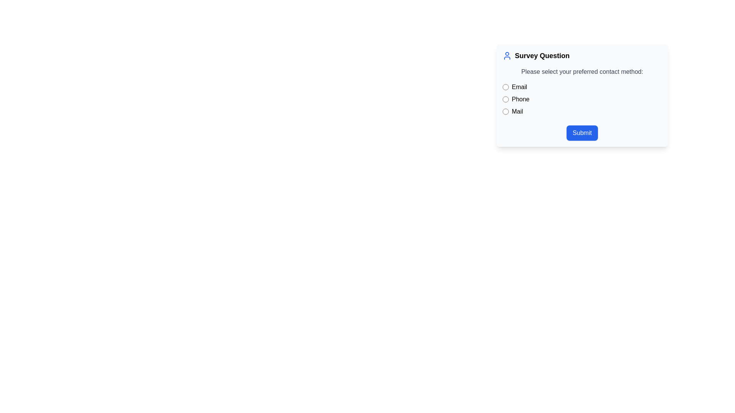  I want to click on the 'Email' radio button located at the top of the list of contact method options in the form, so click(582, 86).